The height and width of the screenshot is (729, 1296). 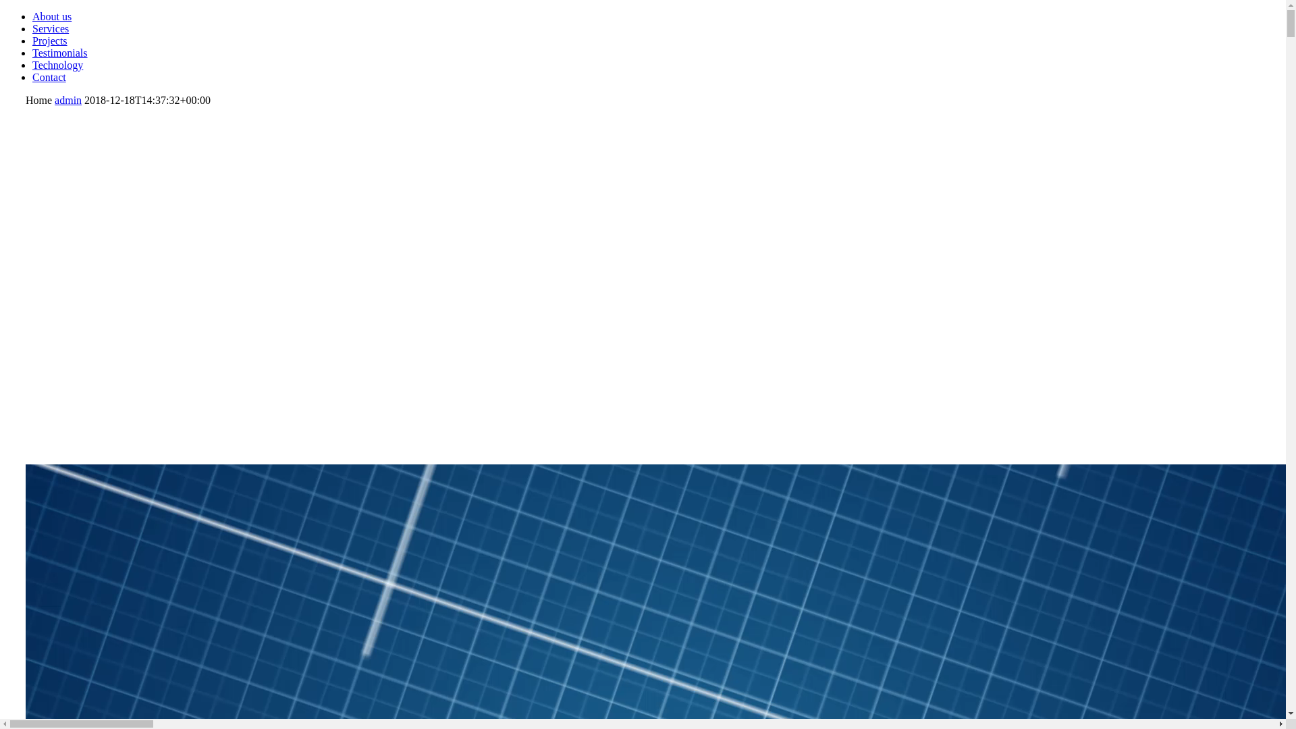 What do you see at coordinates (67, 99) in the screenshot?
I see `'admin'` at bounding box center [67, 99].